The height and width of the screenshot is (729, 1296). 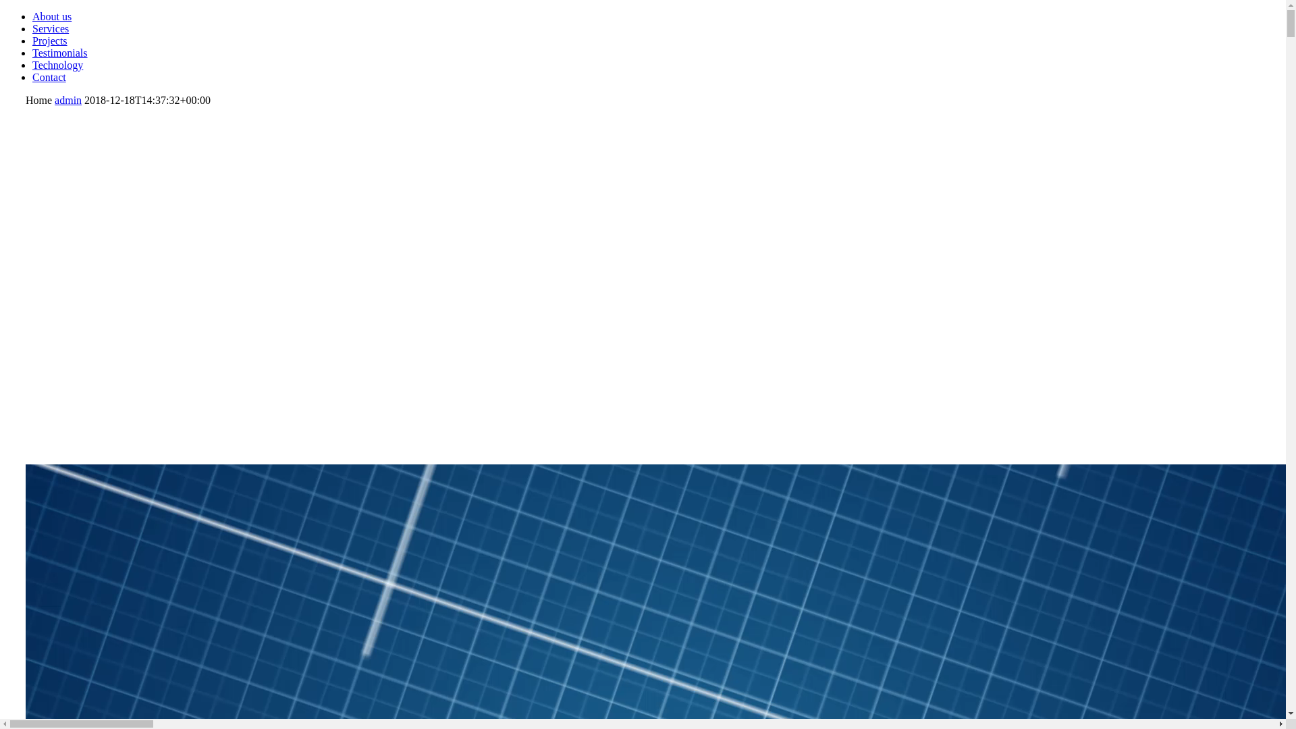 What do you see at coordinates (67, 99) in the screenshot?
I see `'admin'` at bounding box center [67, 99].